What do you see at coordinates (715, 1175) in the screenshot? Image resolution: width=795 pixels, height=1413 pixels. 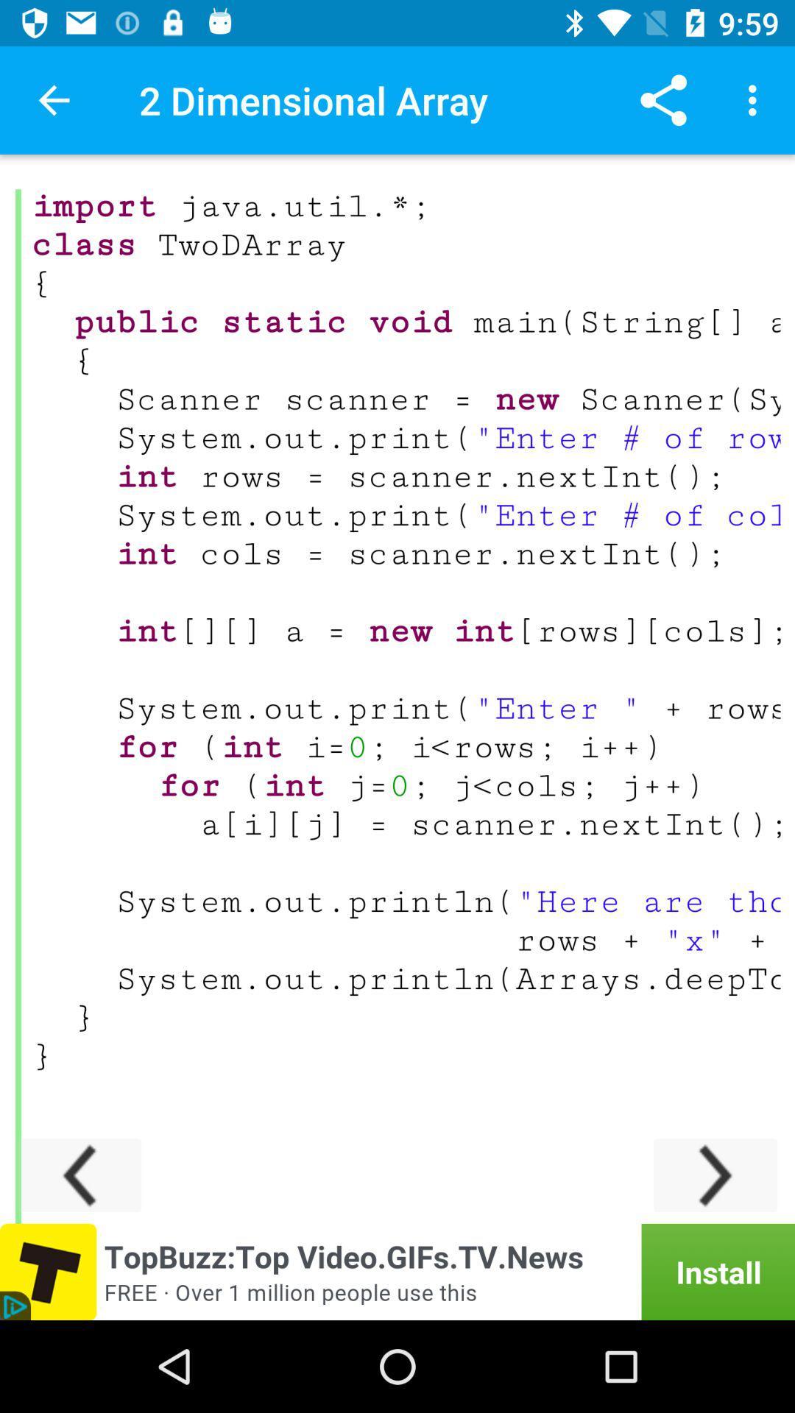 I see `next page` at bounding box center [715, 1175].